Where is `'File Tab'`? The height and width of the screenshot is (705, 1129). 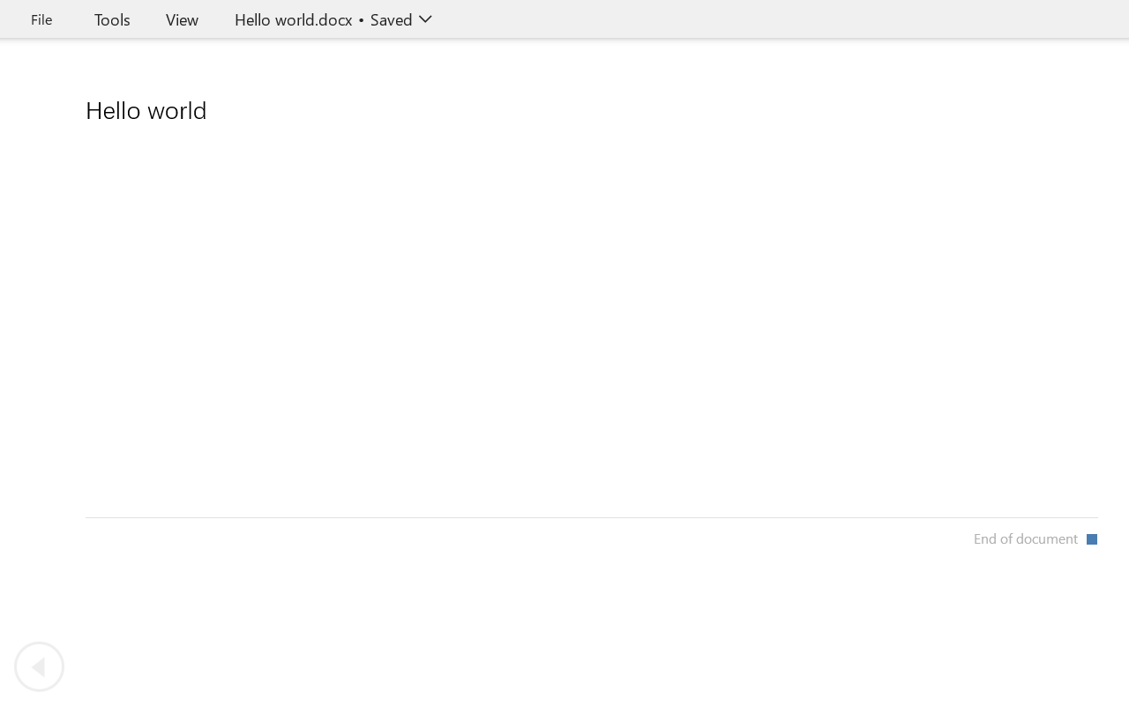
'File Tab' is located at coordinates (41, 19).